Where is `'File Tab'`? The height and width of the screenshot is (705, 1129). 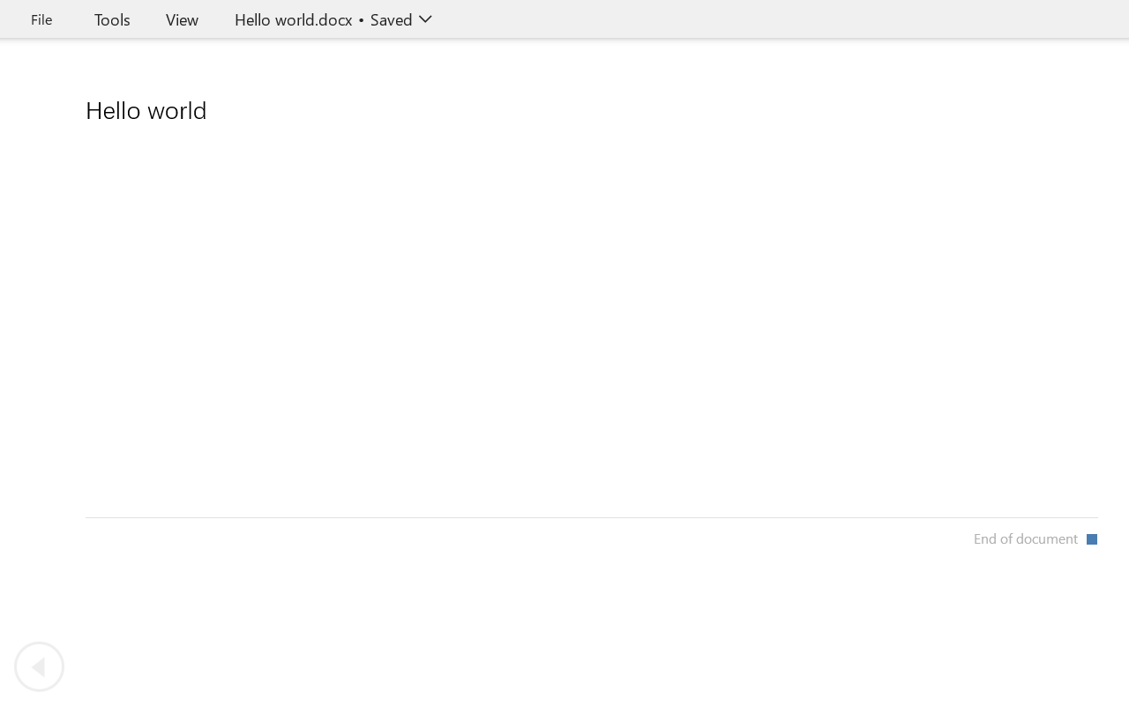
'File Tab' is located at coordinates (41, 19).